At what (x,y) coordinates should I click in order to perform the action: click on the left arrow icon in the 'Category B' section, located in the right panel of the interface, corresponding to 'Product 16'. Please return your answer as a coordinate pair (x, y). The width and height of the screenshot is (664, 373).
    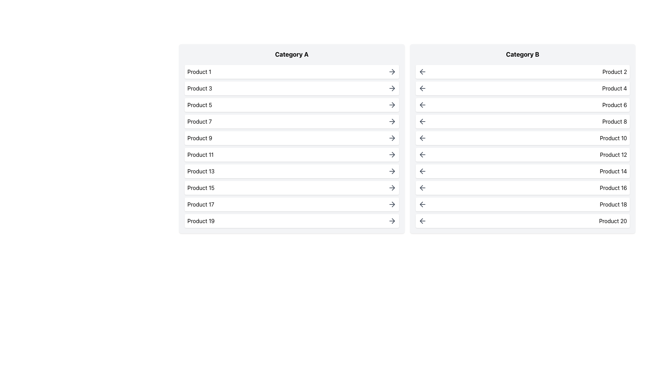
    Looking at the image, I should click on (421, 188).